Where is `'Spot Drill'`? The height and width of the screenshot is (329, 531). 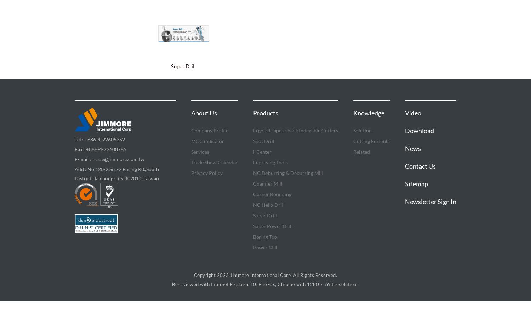 'Spot Drill' is located at coordinates (263, 141).